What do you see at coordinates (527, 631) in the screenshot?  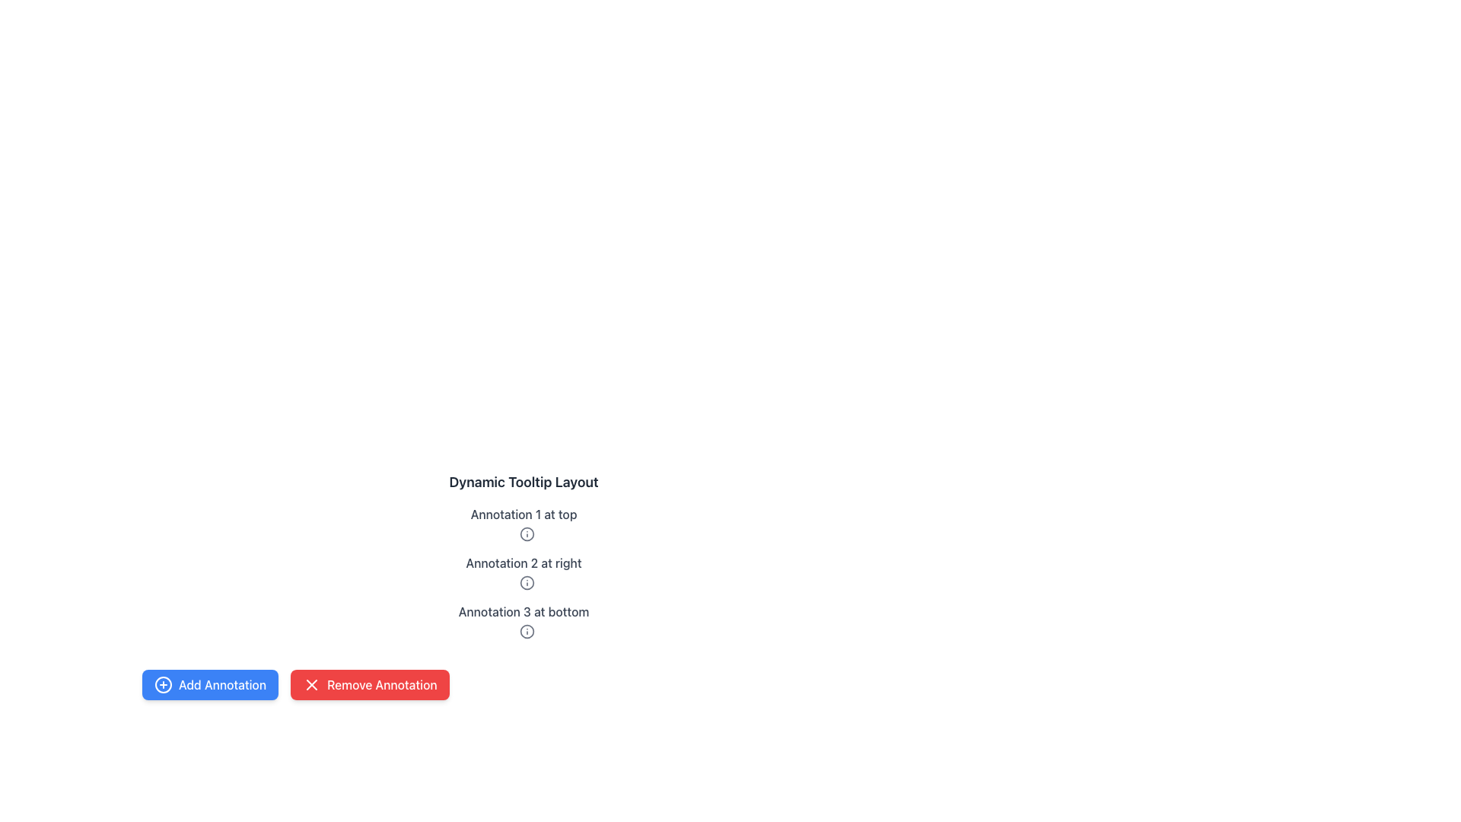 I see `the informational icon located immediately after the text 'Annotation 3 at bottom'` at bounding box center [527, 631].